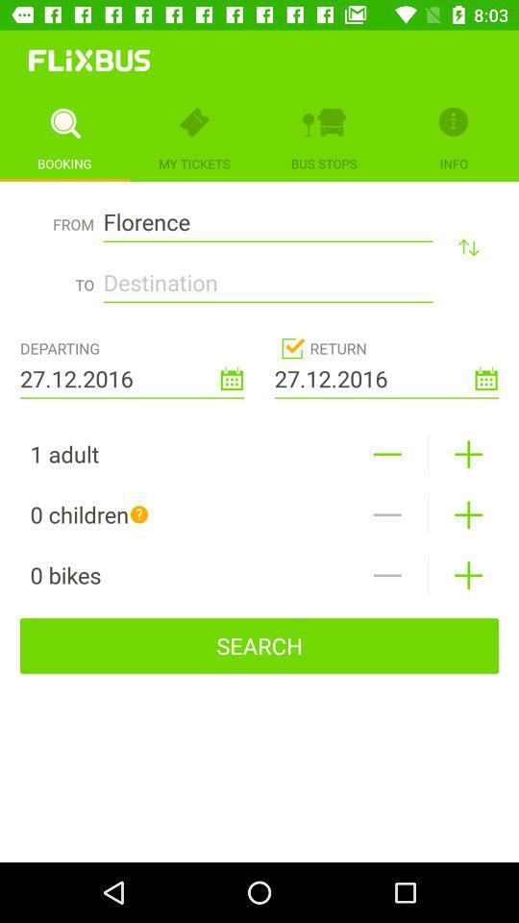 Image resolution: width=519 pixels, height=923 pixels. I want to click on minus one adult in booking, so click(387, 454).